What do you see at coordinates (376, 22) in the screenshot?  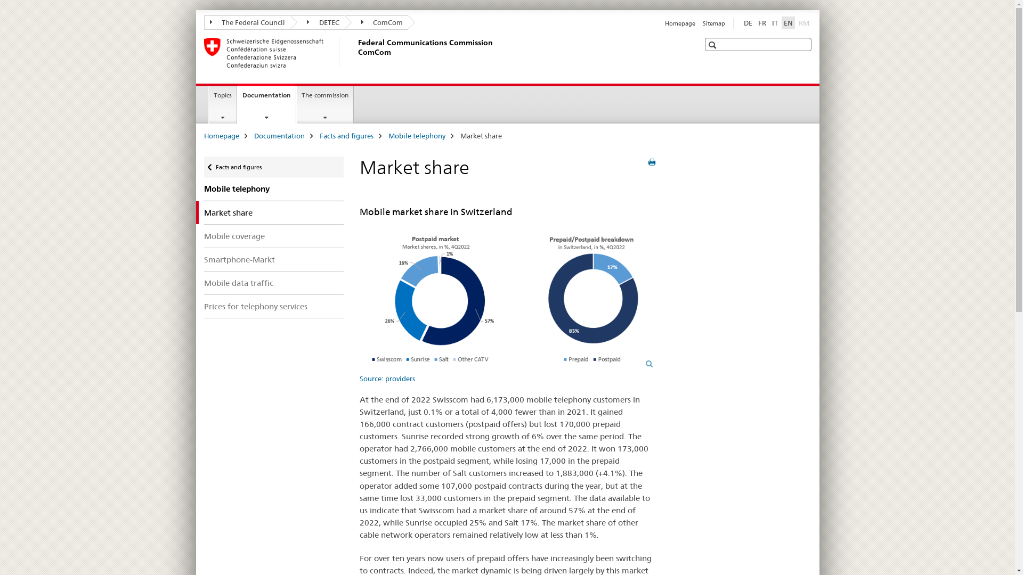 I see `'ComCom'` at bounding box center [376, 22].